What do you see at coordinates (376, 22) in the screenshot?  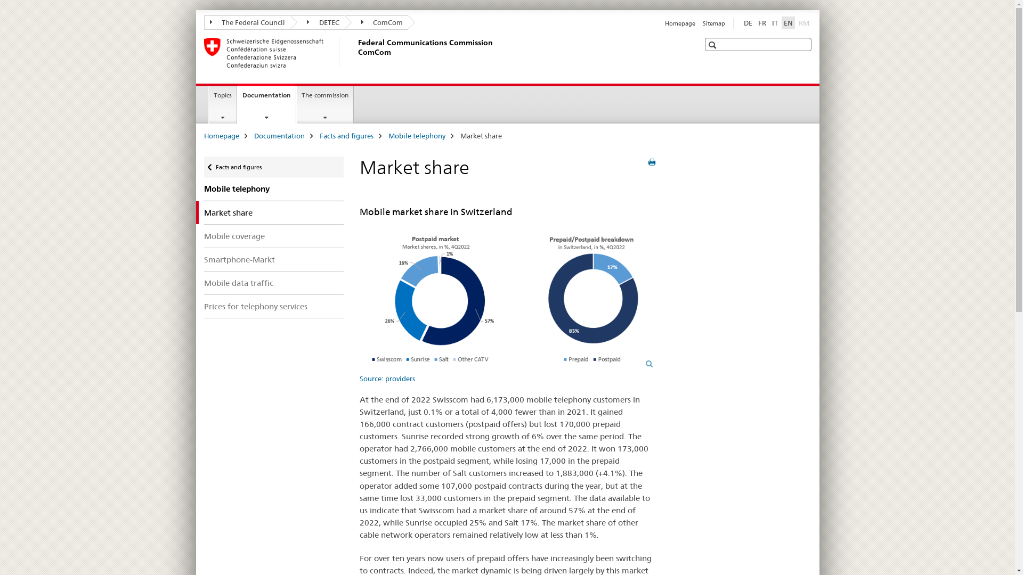 I see `'ComCom'` at bounding box center [376, 22].